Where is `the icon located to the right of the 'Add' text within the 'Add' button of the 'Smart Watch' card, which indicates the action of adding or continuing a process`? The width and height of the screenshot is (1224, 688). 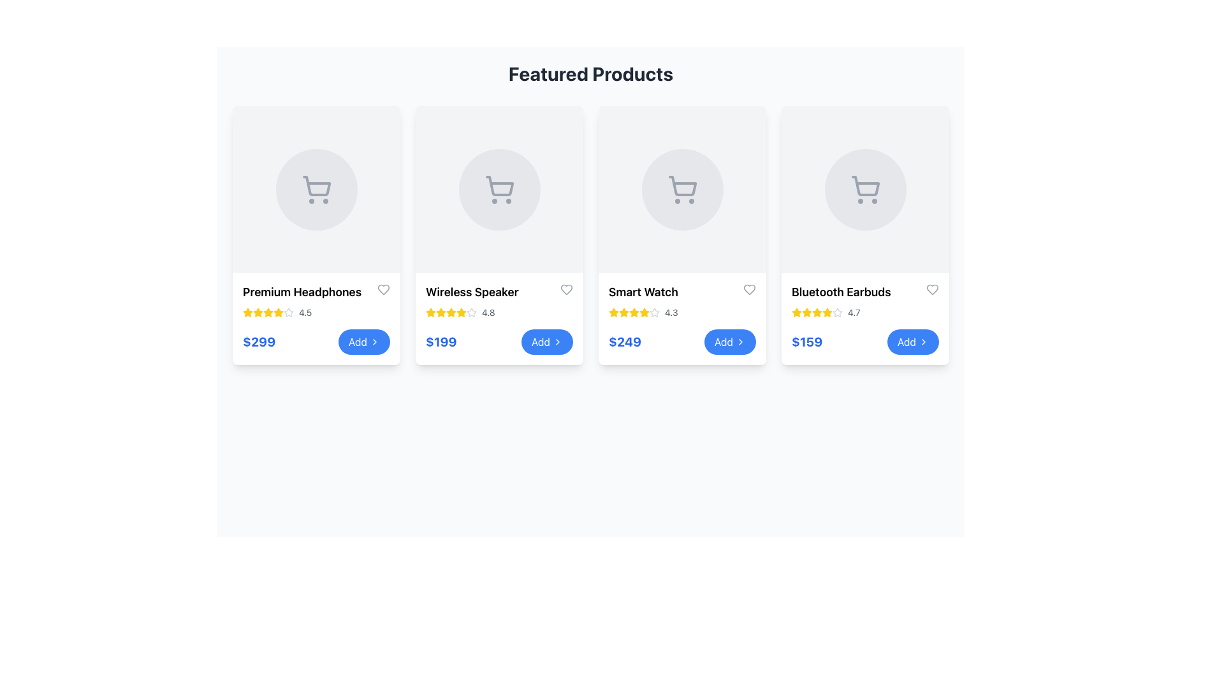 the icon located to the right of the 'Add' text within the 'Add' button of the 'Smart Watch' card, which indicates the action of adding or continuing a process is located at coordinates (740, 341).